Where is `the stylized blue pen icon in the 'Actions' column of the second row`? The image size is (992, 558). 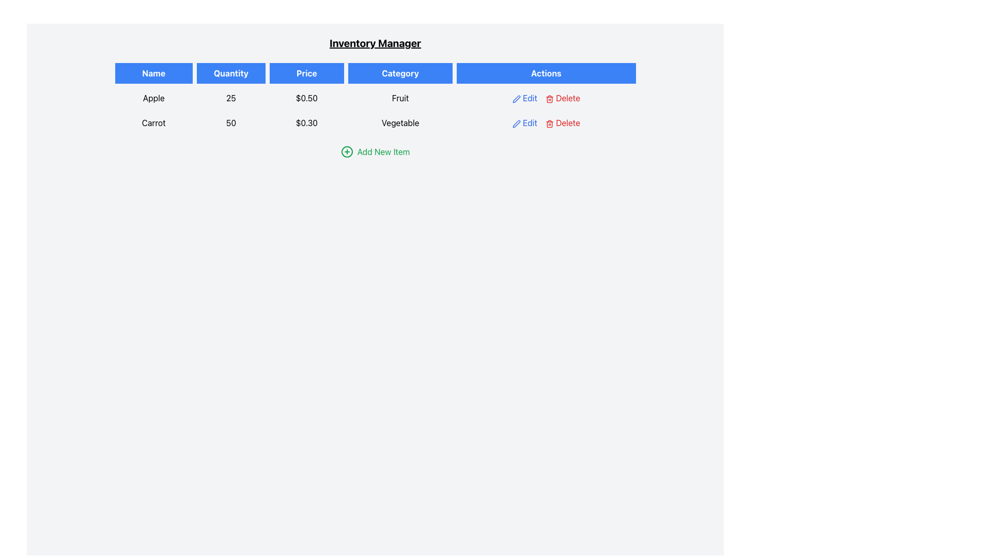
the stylized blue pen icon in the 'Actions' column of the second row is located at coordinates (516, 99).